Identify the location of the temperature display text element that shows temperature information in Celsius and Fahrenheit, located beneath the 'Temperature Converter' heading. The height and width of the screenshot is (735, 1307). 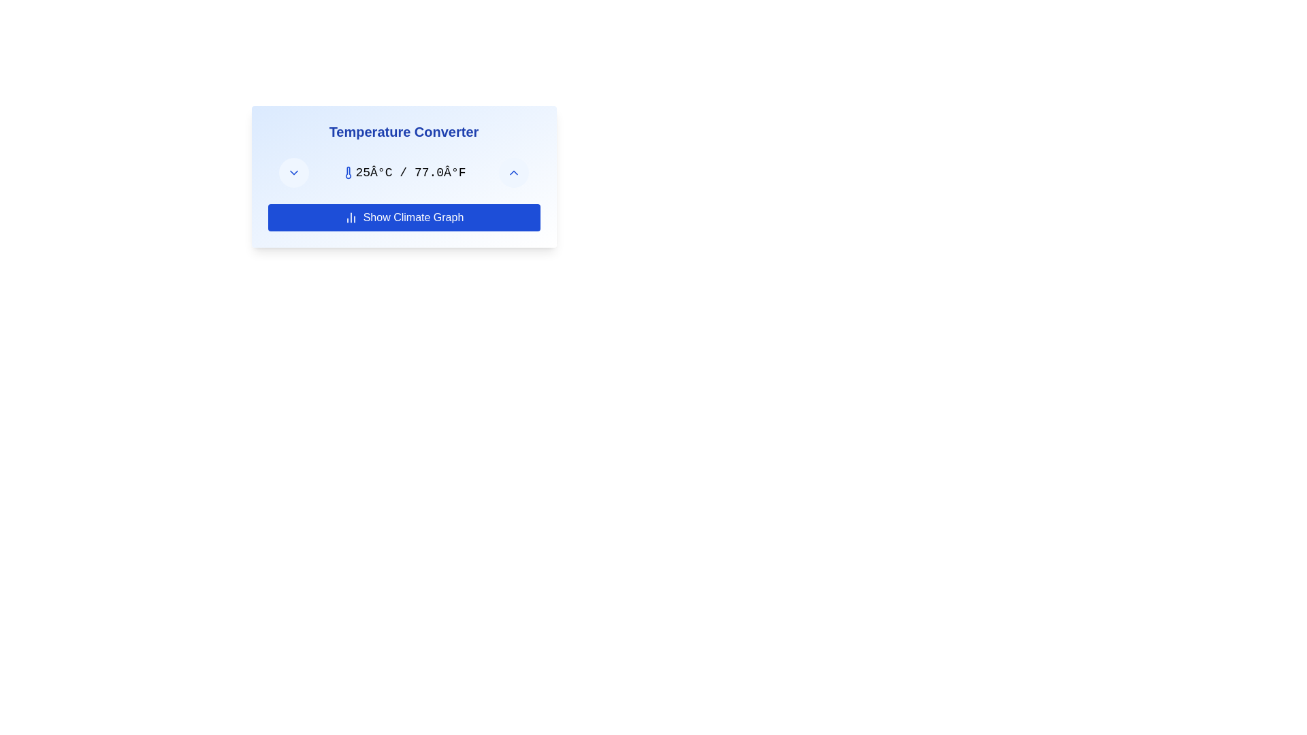
(403, 172).